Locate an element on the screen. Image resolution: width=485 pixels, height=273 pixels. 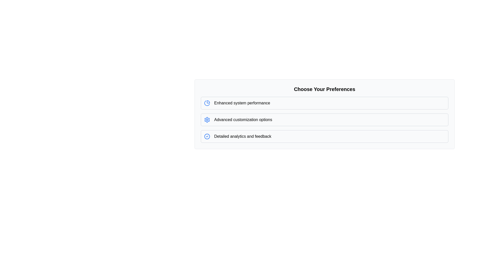
the text label displaying 'Detailed analytics and feedback', which is located next to a checkmark icon in the third option of a vertically stacked list under 'Choose Your Preferences' is located at coordinates (243, 136).